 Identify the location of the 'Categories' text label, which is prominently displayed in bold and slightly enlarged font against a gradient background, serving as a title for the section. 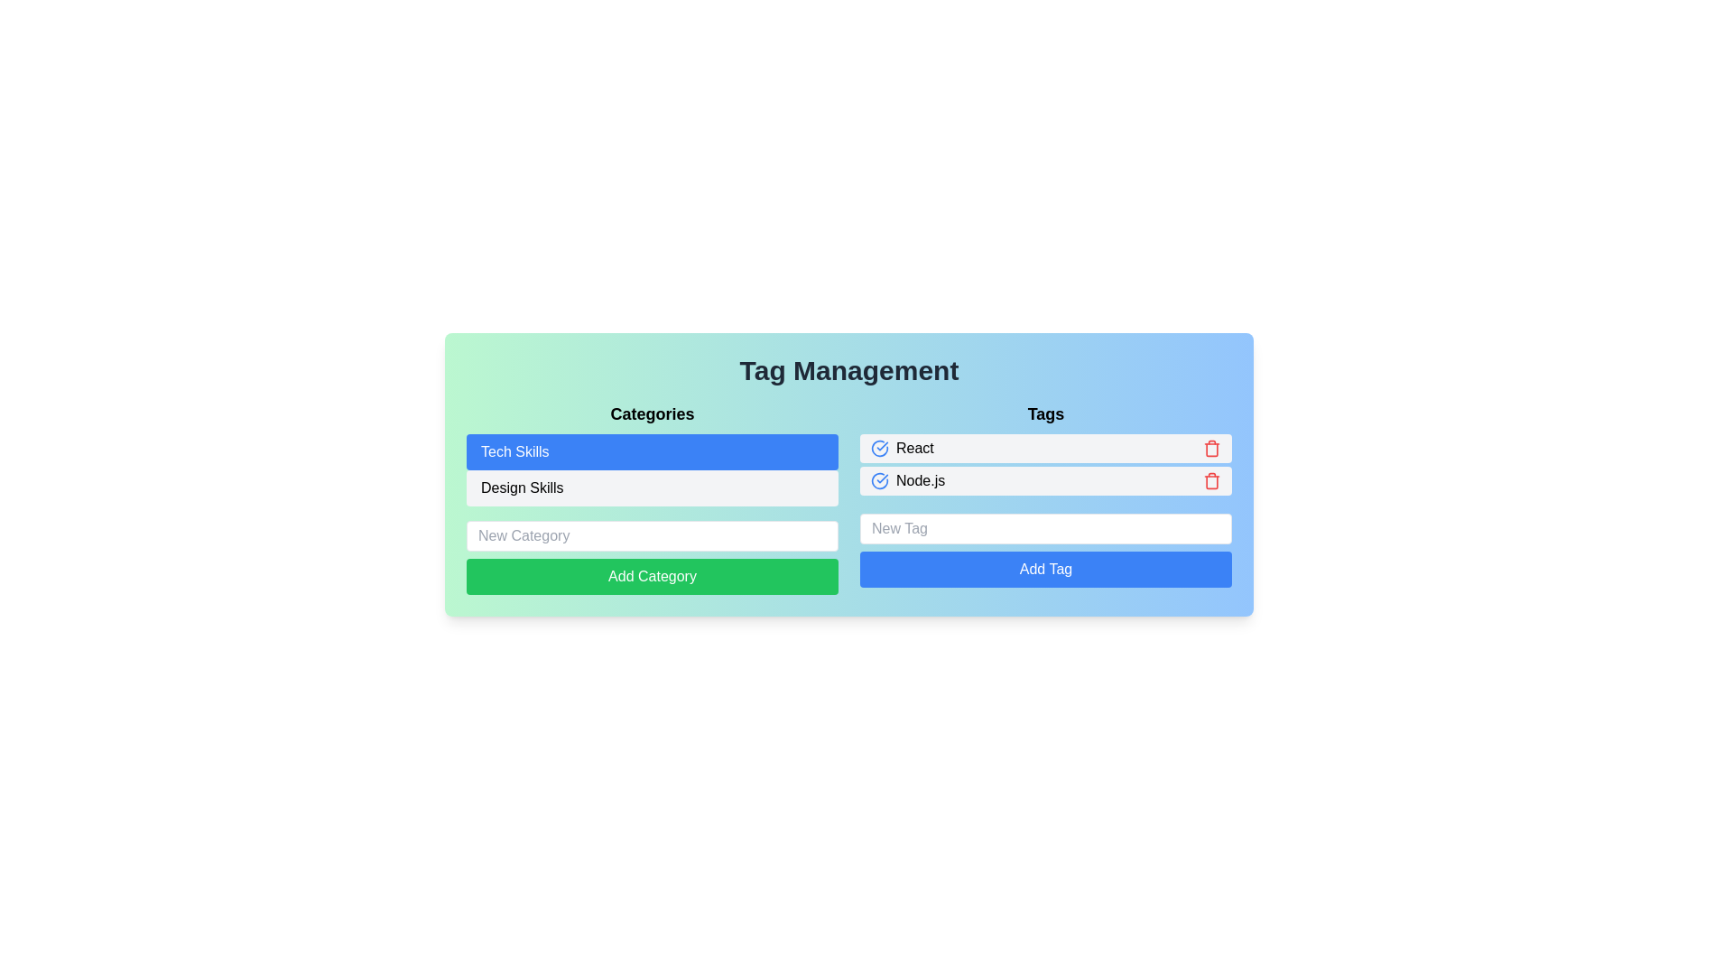
(652, 414).